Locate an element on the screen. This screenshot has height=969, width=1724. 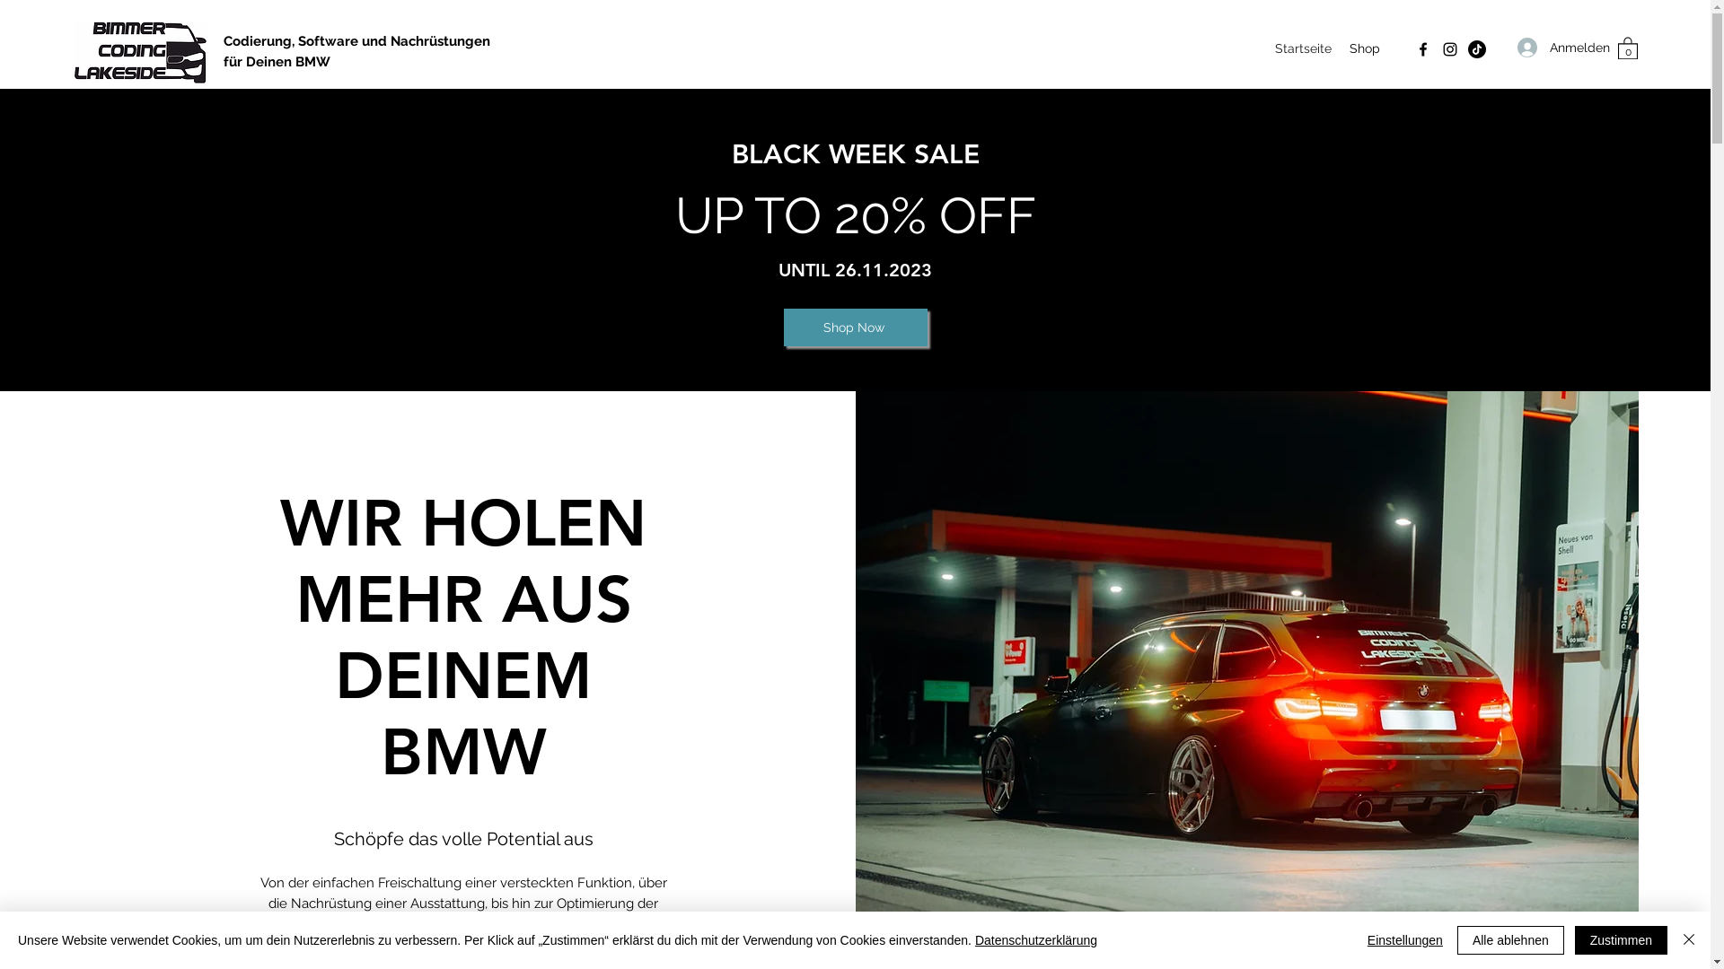
'0' is located at coordinates (1628, 47).